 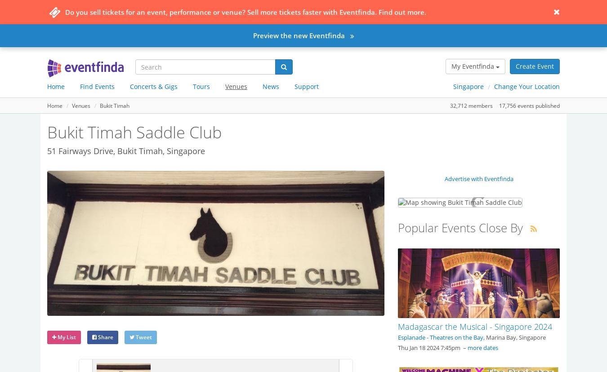 What do you see at coordinates (156, 12) in the screenshot?
I see `'Do you sell tickets for an event, performance or venue?'` at bounding box center [156, 12].